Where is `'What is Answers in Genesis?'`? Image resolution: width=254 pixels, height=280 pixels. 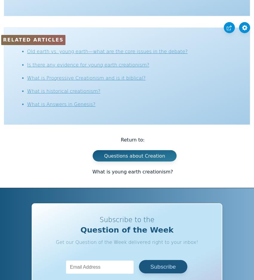
'What is Answers in Genesis?' is located at coordinates (61, 104).